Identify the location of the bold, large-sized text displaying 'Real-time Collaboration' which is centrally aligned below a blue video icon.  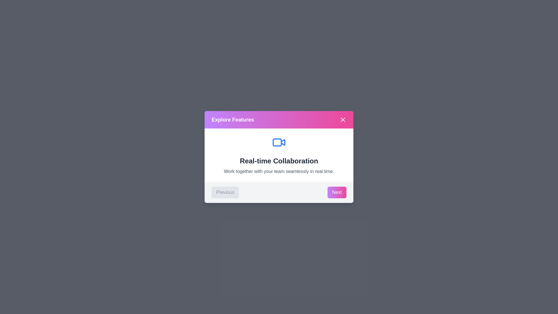
(279, 161).